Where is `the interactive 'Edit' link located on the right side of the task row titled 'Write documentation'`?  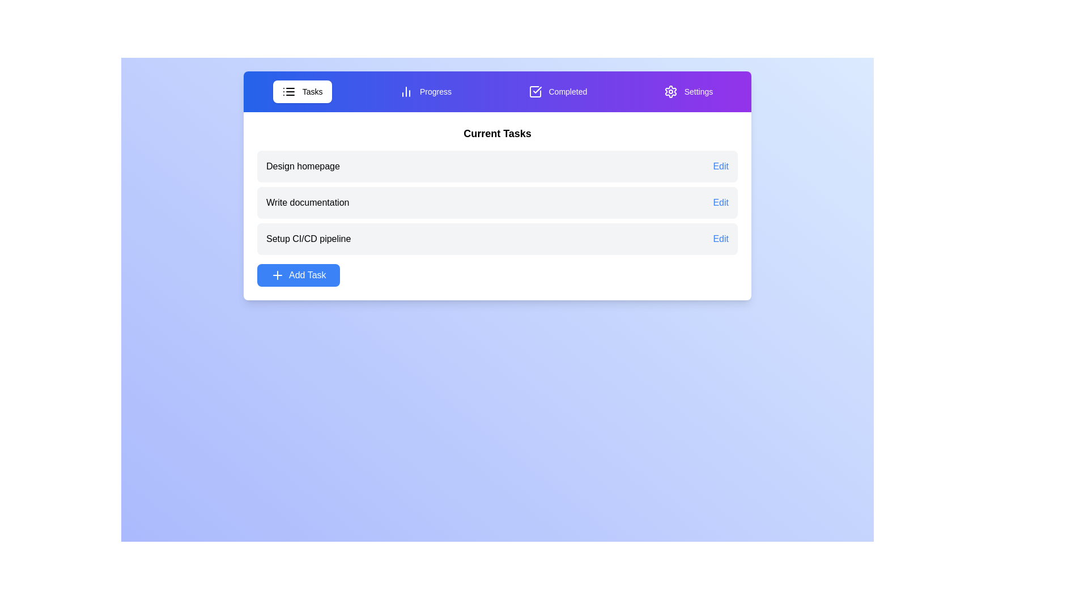 the interactive 'Edit' link located on the right side of the task row titled 'Write documentation' is located at coordinates (720, 202).